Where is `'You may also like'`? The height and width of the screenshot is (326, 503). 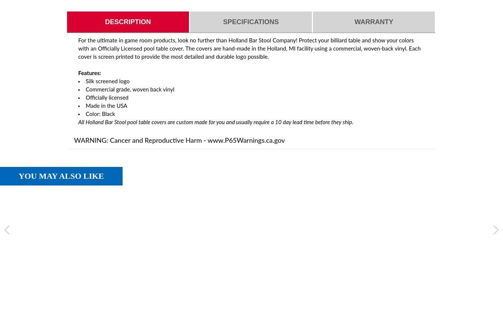
'You may also like' is located at coordinates (61, 175).